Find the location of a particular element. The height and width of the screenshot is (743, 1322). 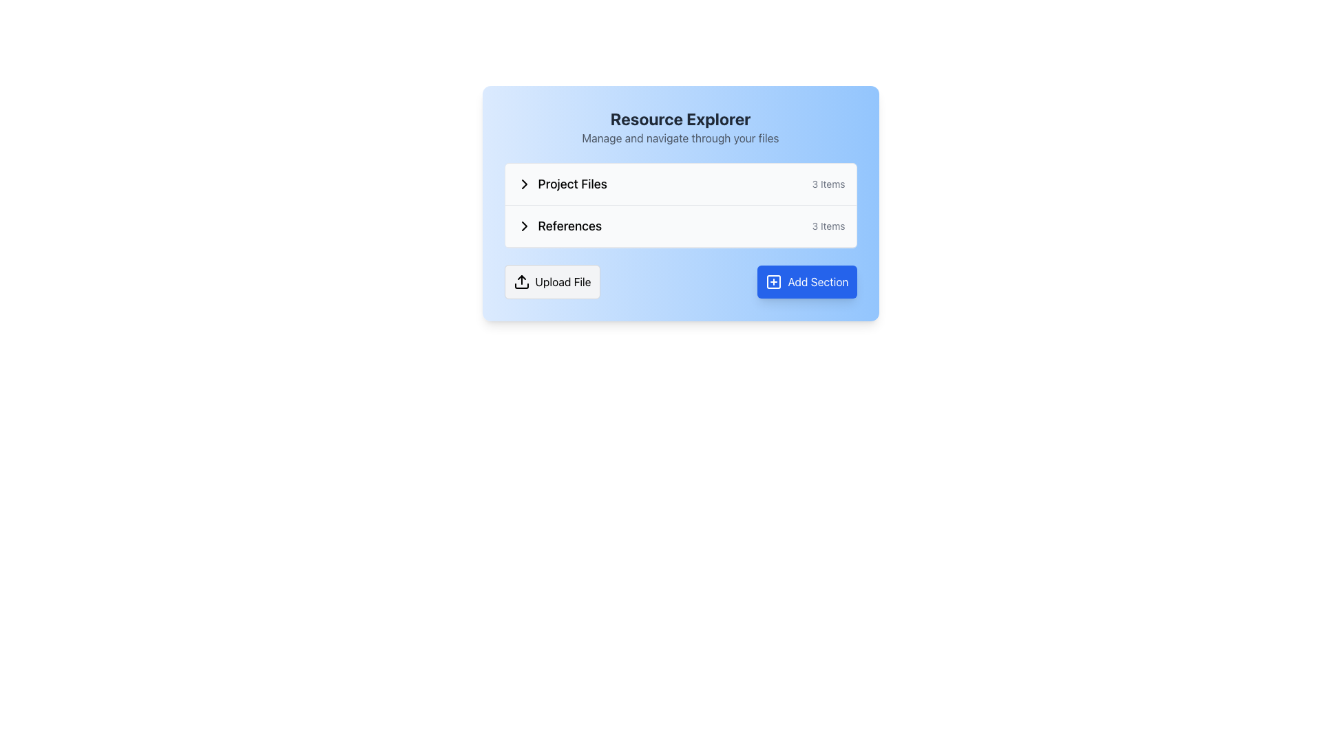

the 'Project Files' text label with icon located in the first row of the Resource Explorer interface is located at coordinates (561, 183).